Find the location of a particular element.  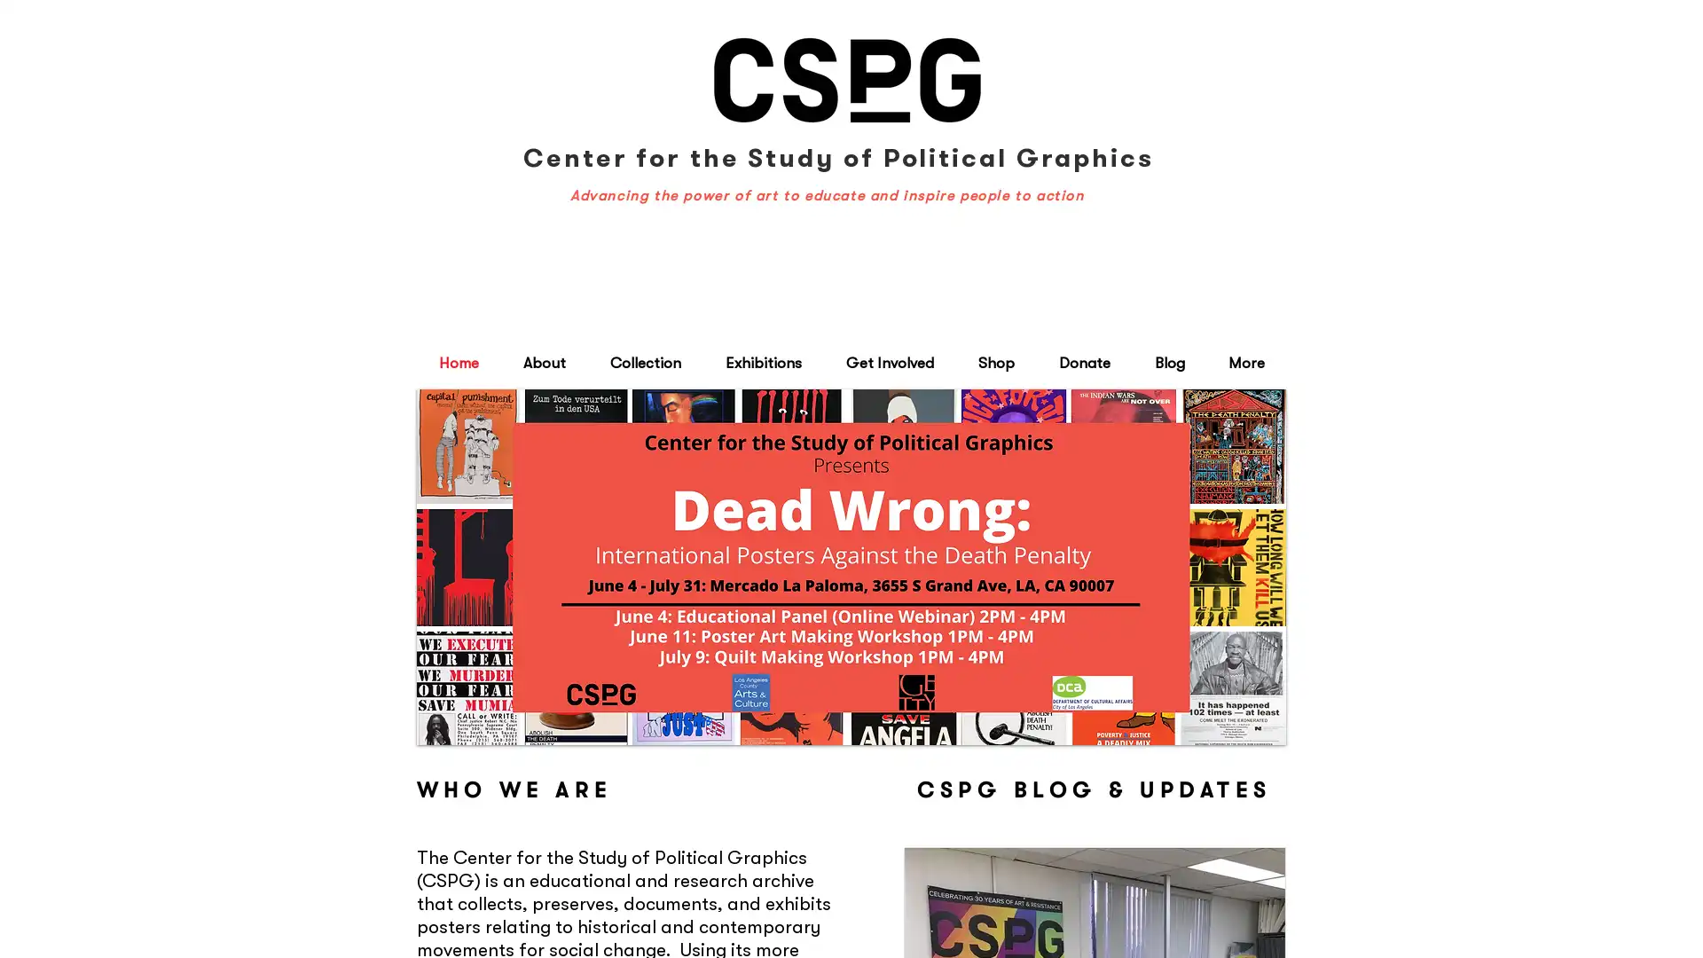

Cart with 0 items is located at coordinates (1247, 378).